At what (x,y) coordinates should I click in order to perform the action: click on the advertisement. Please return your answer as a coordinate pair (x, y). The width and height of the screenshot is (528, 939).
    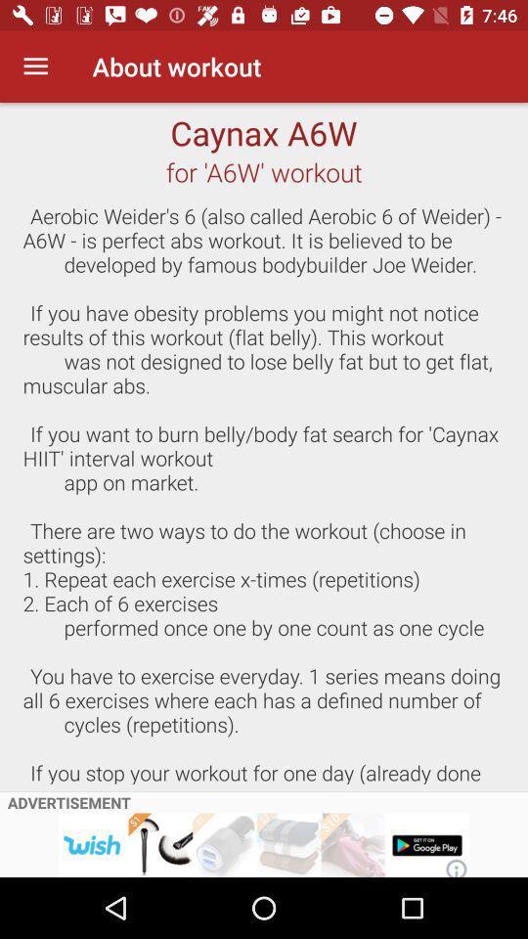
    Looking at the image, I should click on (264, 844).